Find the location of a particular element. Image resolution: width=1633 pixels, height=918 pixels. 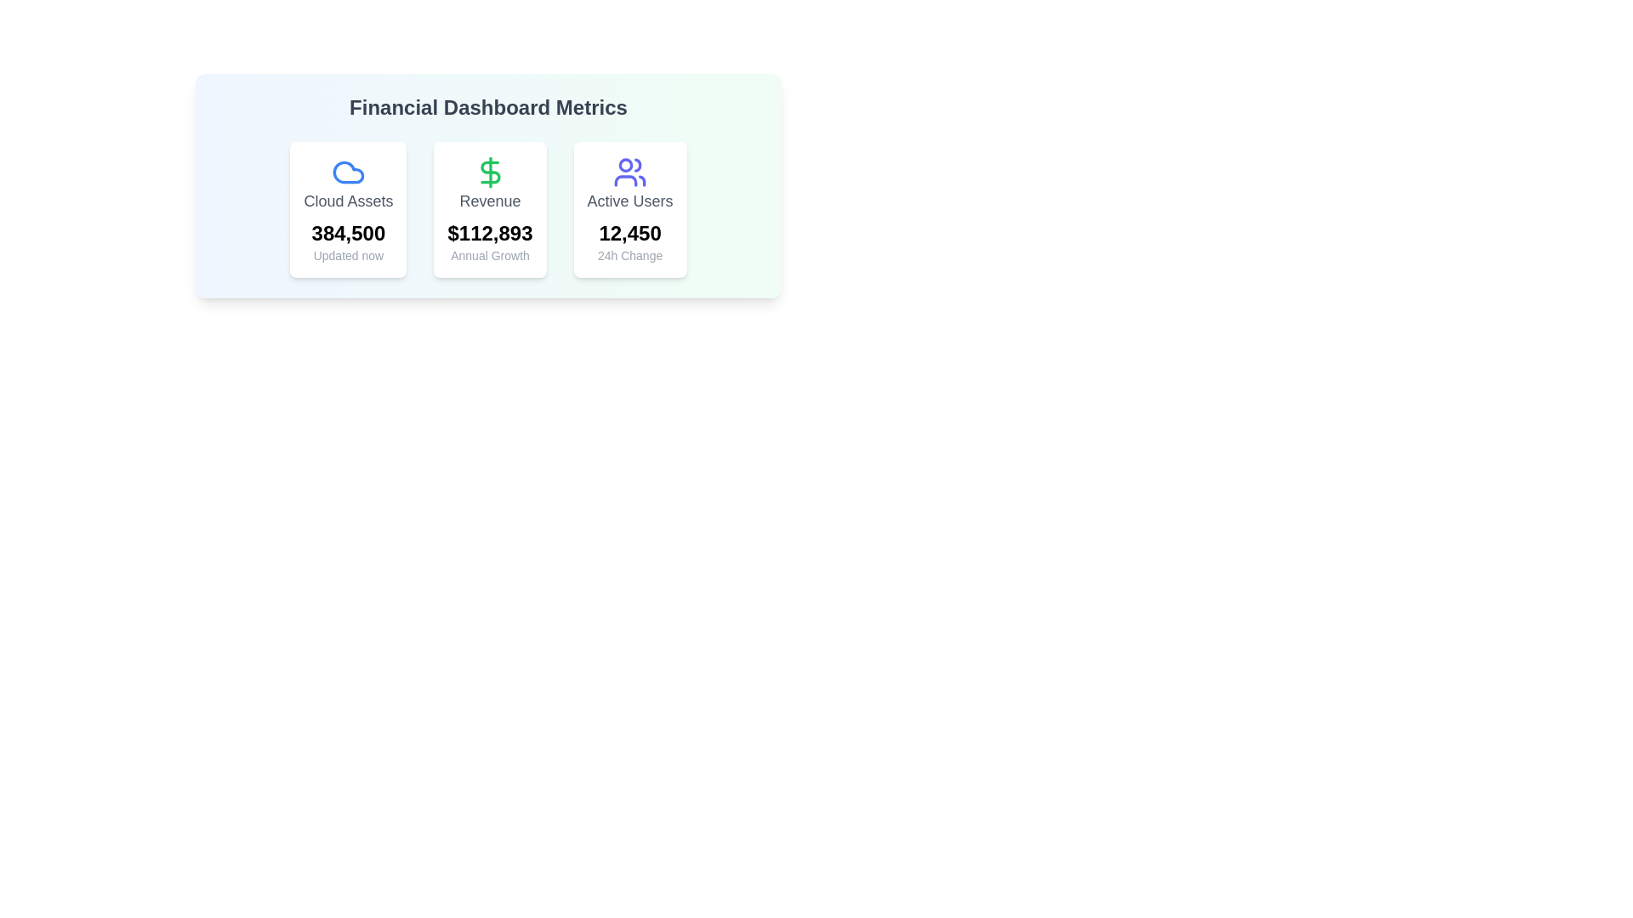

the 'Revenue' text label, which is styled in medium gray and located below a green dollar symbol icon within a white card is located at coordinates (489, 200).